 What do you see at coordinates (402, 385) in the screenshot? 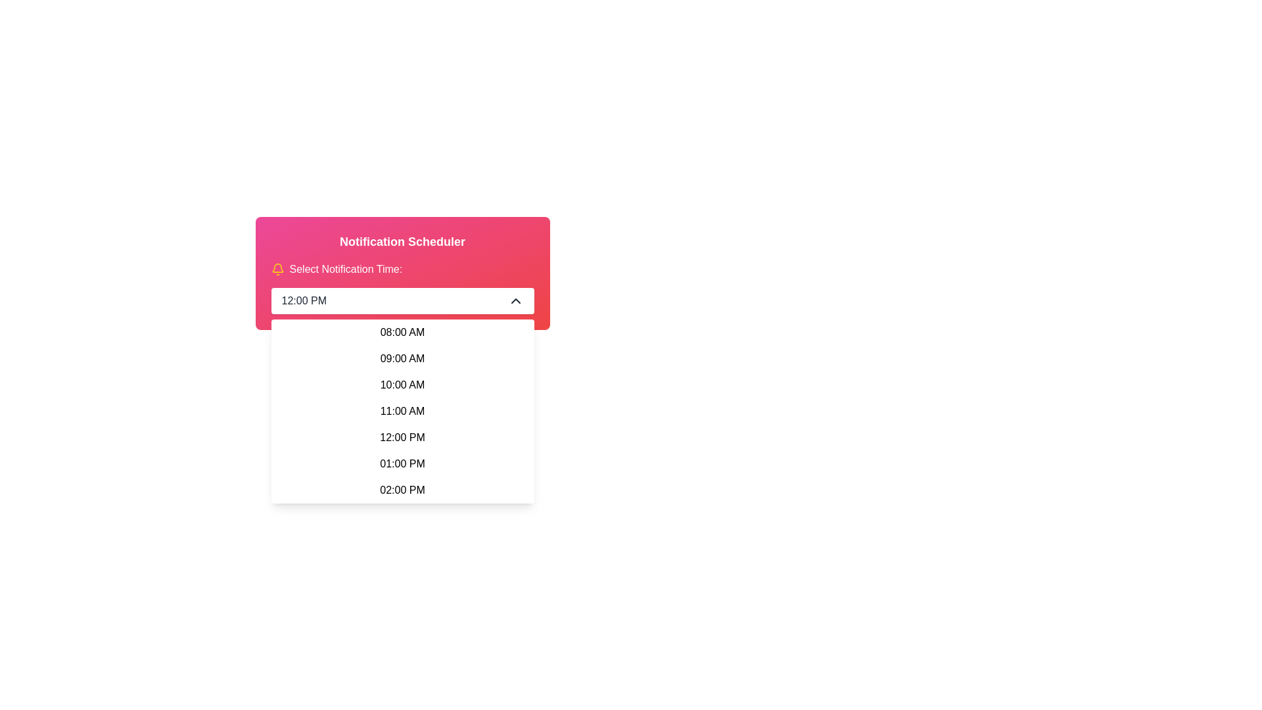
I see `the selectable dropdown menu item displaying '10:00 AM' to observe the background color change` at bounding box center [402, 385].